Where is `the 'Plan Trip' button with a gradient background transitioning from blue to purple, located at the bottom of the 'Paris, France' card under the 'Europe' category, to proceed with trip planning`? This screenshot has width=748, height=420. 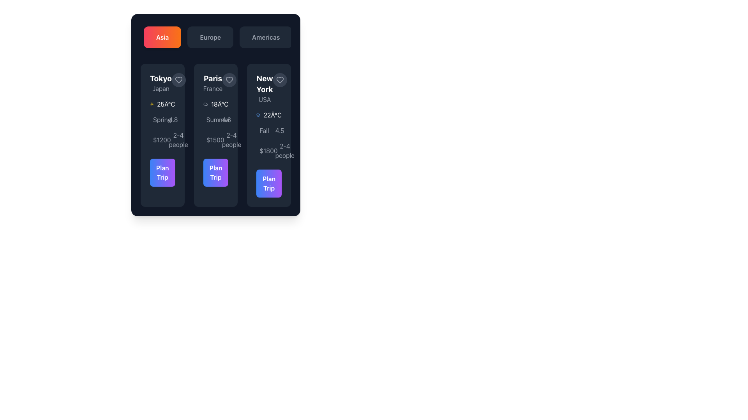 the 'Plan Trip' button with a gradient background transitioning from blue to purple, located at the bottom of the 'Paris, France' card under the 'Europe' category, to proceed with trip planning is located at coordinates (215, 172).